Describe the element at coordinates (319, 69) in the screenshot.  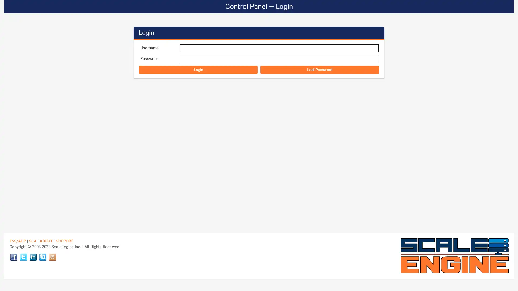
I see `Lost Password` at that location.